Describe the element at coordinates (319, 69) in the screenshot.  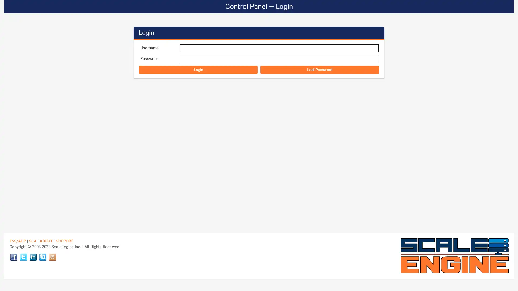
I see `Lost Password` at that location.